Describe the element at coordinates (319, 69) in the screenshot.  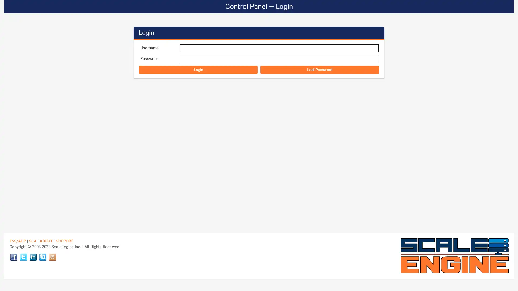
I see `Lost Password` at that location.